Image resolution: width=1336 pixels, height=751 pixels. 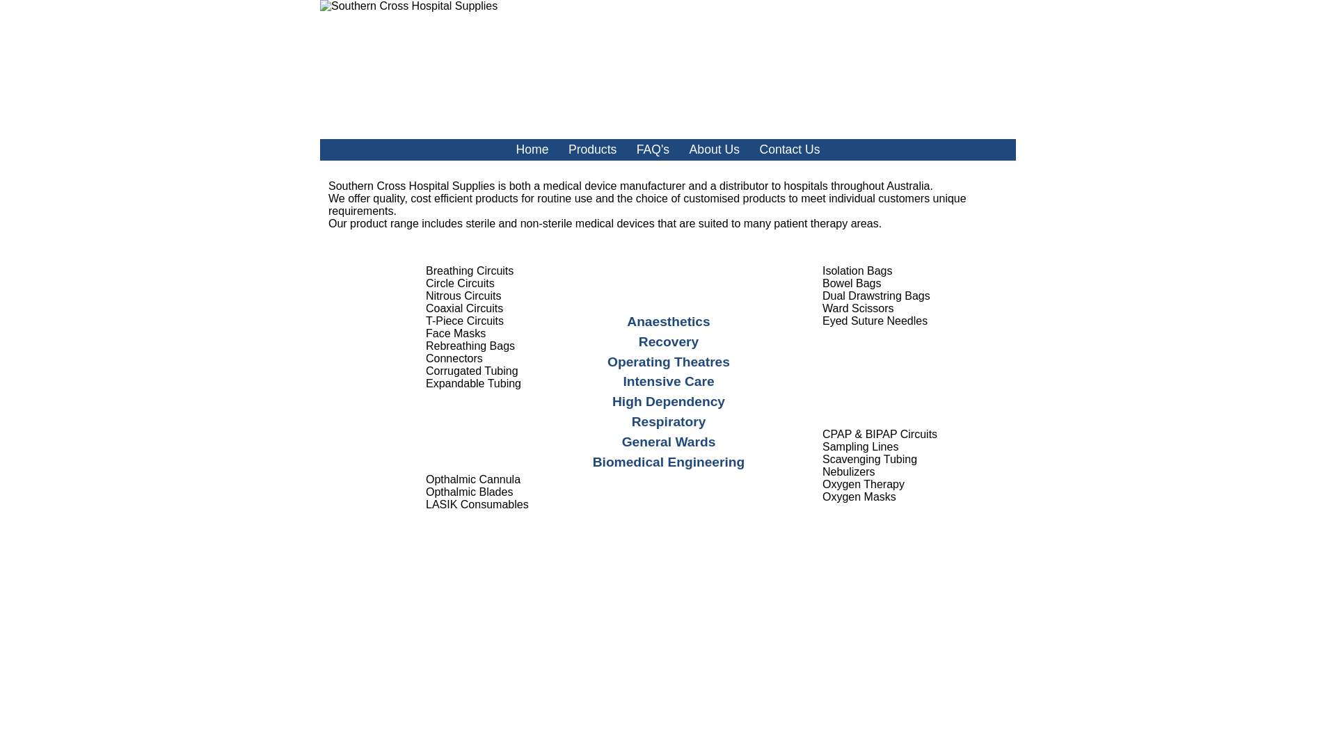 I want to click on 'Home', so click(x=532, y=150).